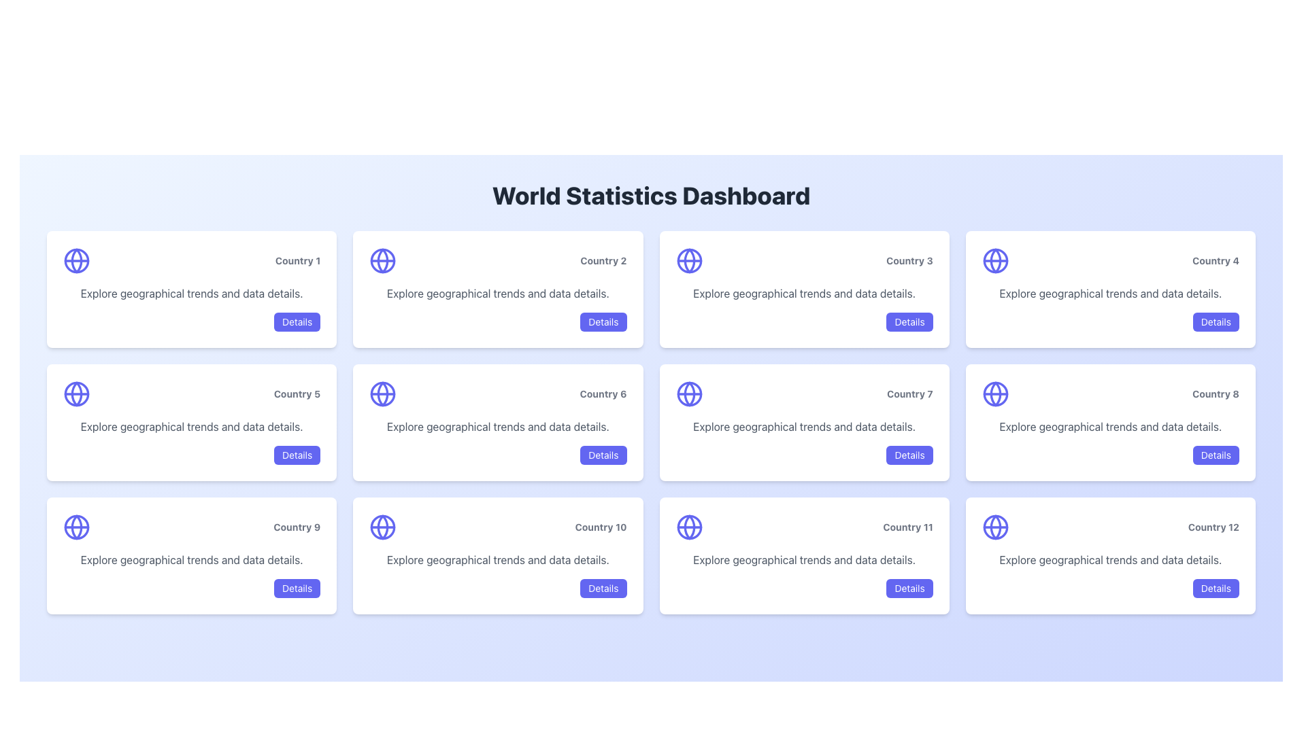  I want to click on the 'Details' button with a purple background located at the bottom-right corner of the 'Country 4' card to observe the color change, so click(1216, 322).